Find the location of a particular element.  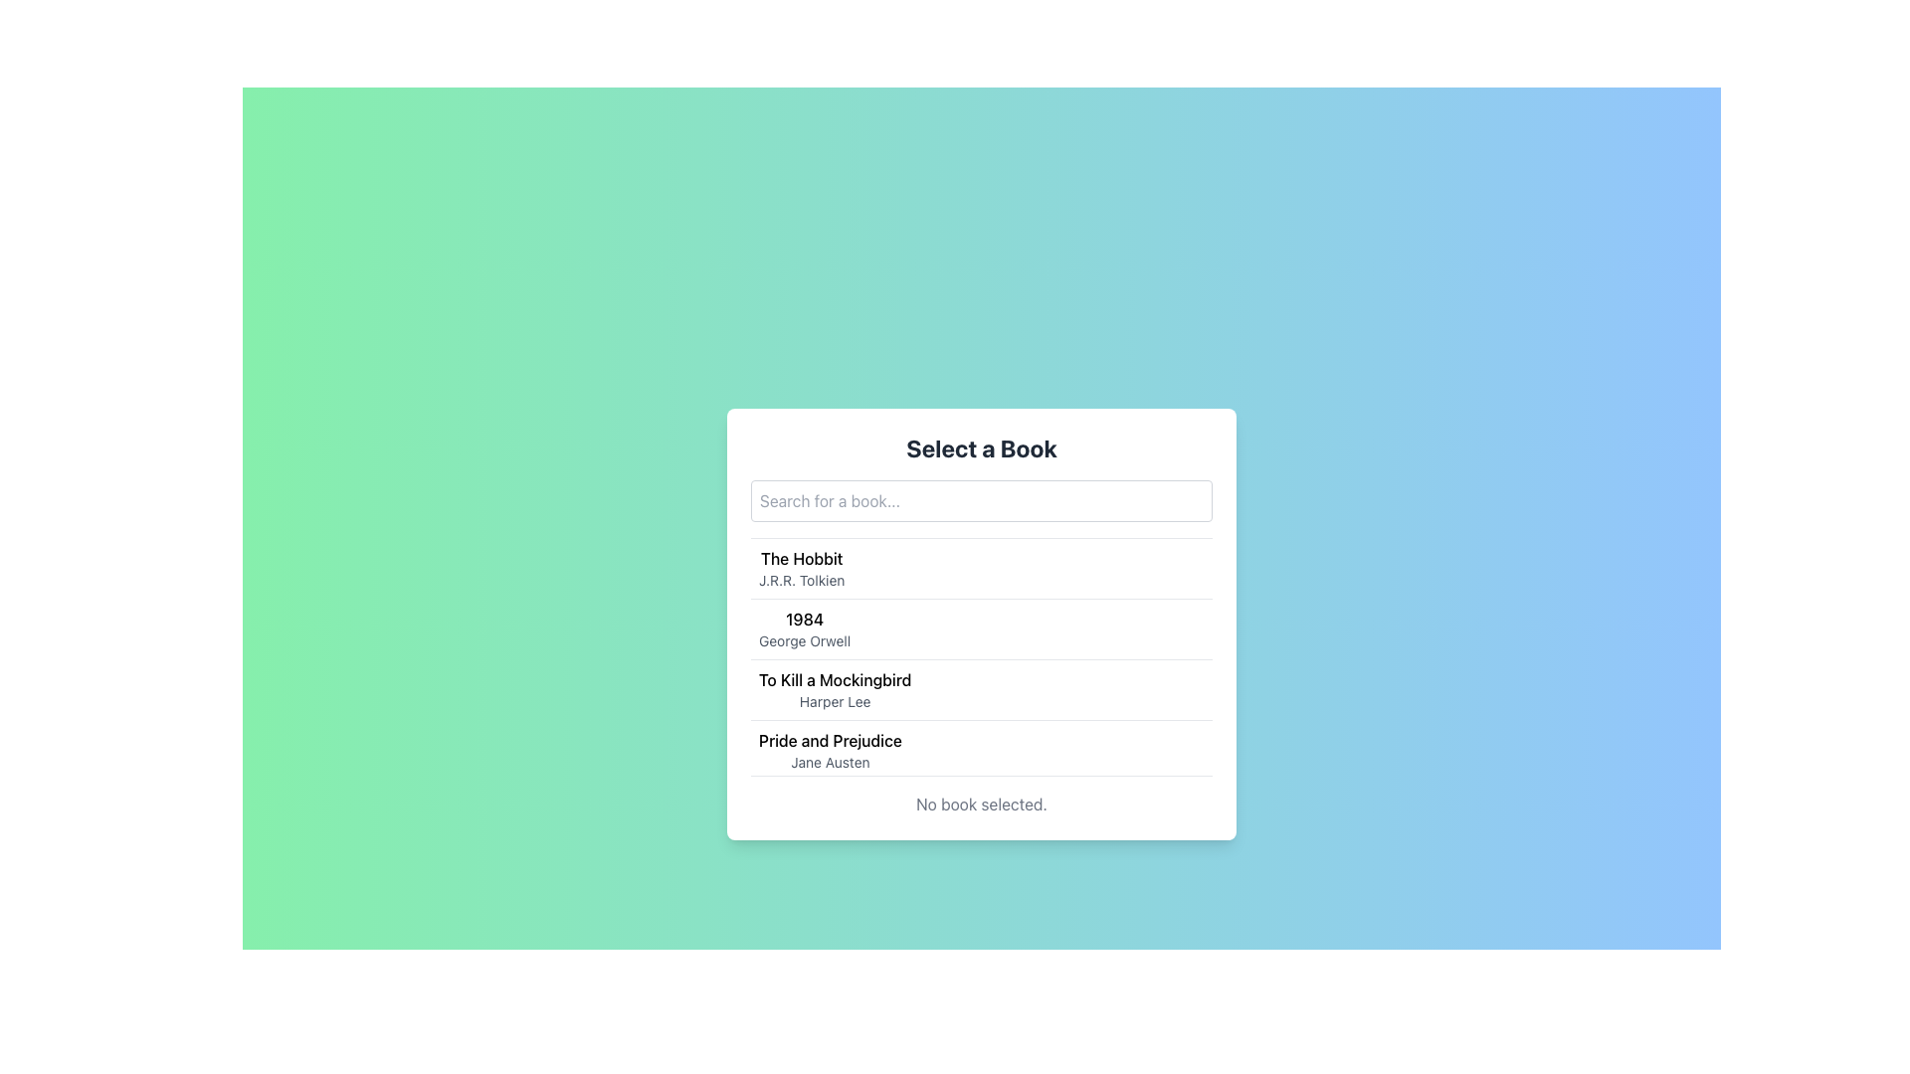

the third book item in the 'Select a Book' panel is located at coordinates (835, 689).